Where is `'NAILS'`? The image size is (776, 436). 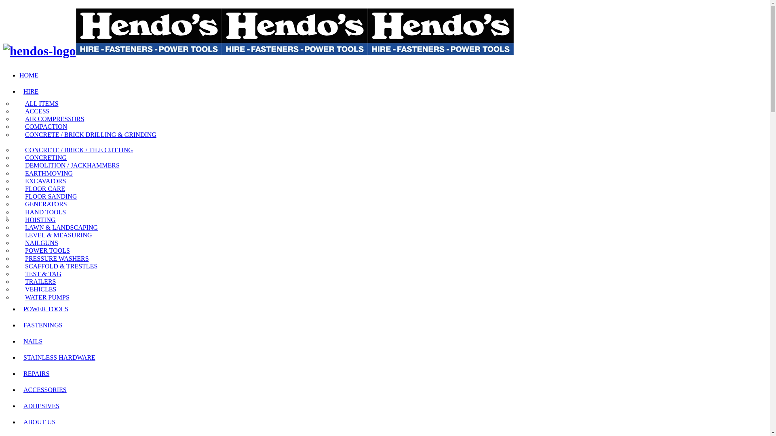 'NAILS' is located at coordinates (32, 341).